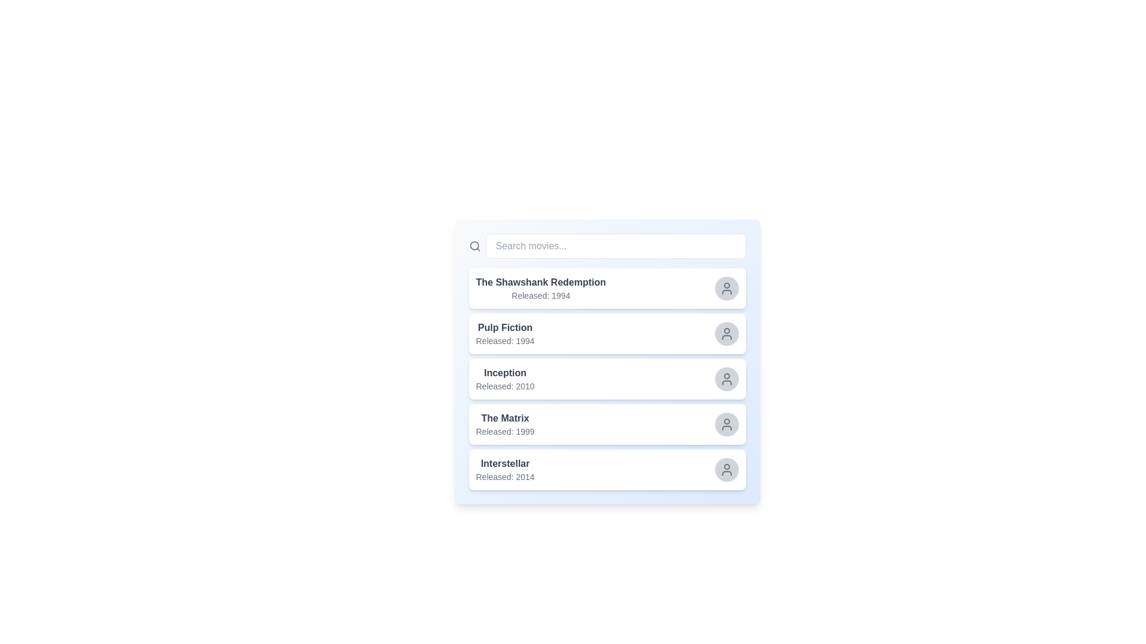  I want to click on the text element displaying 'The Matrix' in bold dark gray and 'Released: 1999' in a smaller, lighter gray font, located in the fourth card of a vertical list, so click(505, 424).